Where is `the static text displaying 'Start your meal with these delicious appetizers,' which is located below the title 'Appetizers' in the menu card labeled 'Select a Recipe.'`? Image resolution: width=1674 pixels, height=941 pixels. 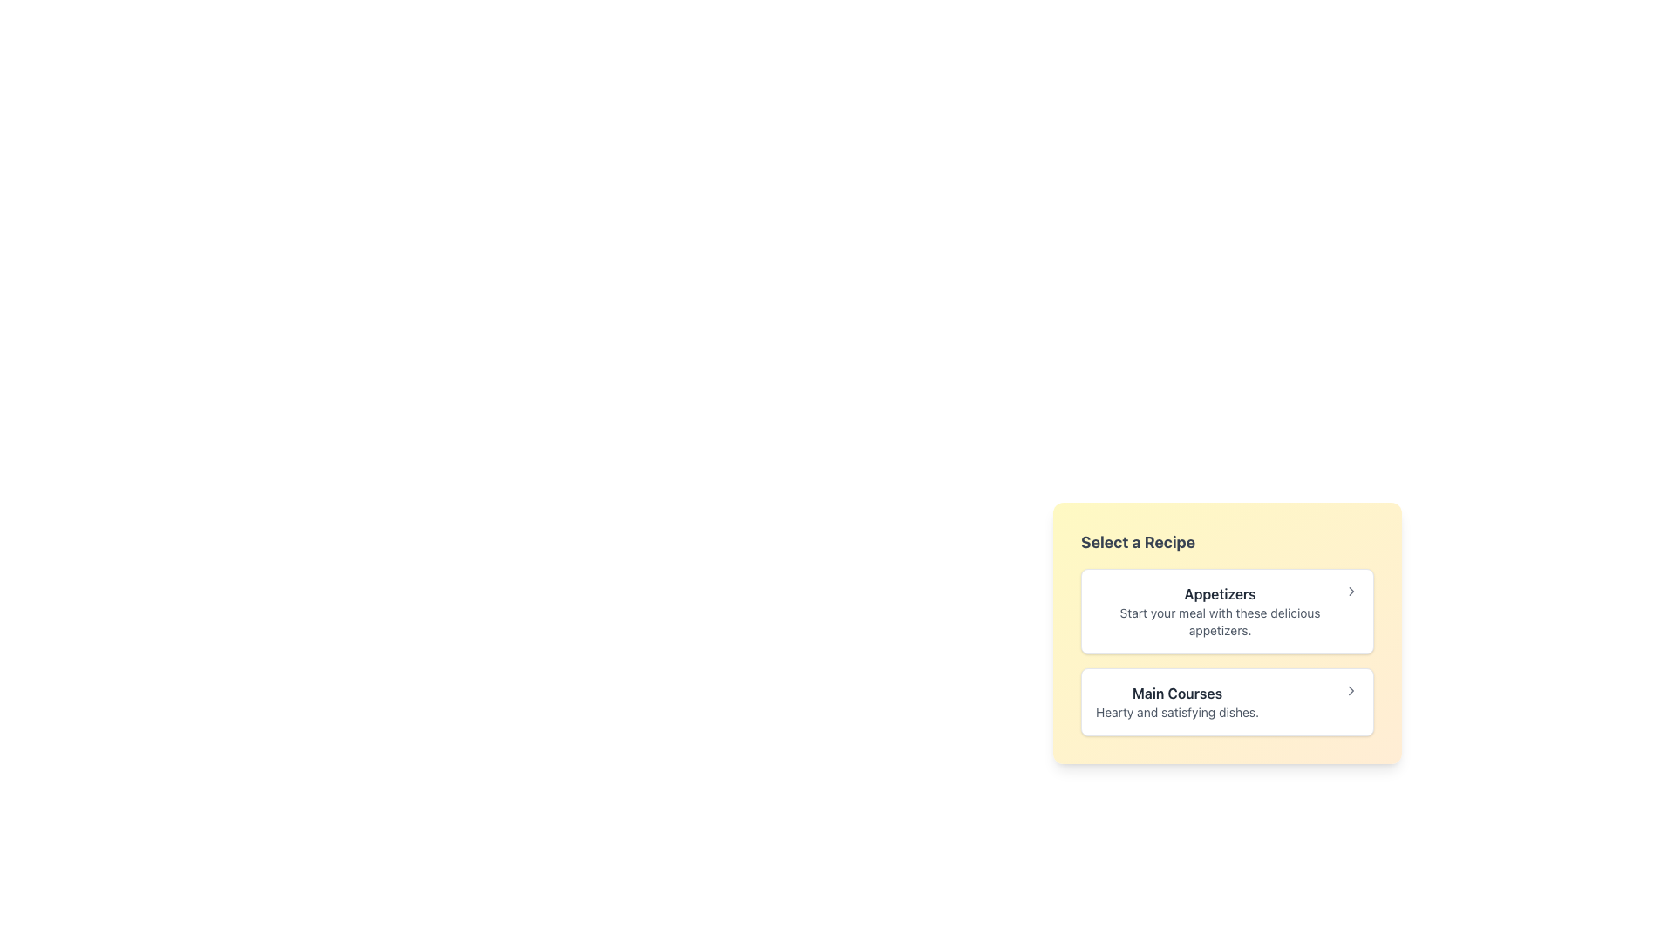
the static text displaying 'Start your meal with these delicious appetizers,' which is located below the title 'Appetizers' in the menu card labeled 'Select a Recipe.' is located at coordinates (1219, 620).